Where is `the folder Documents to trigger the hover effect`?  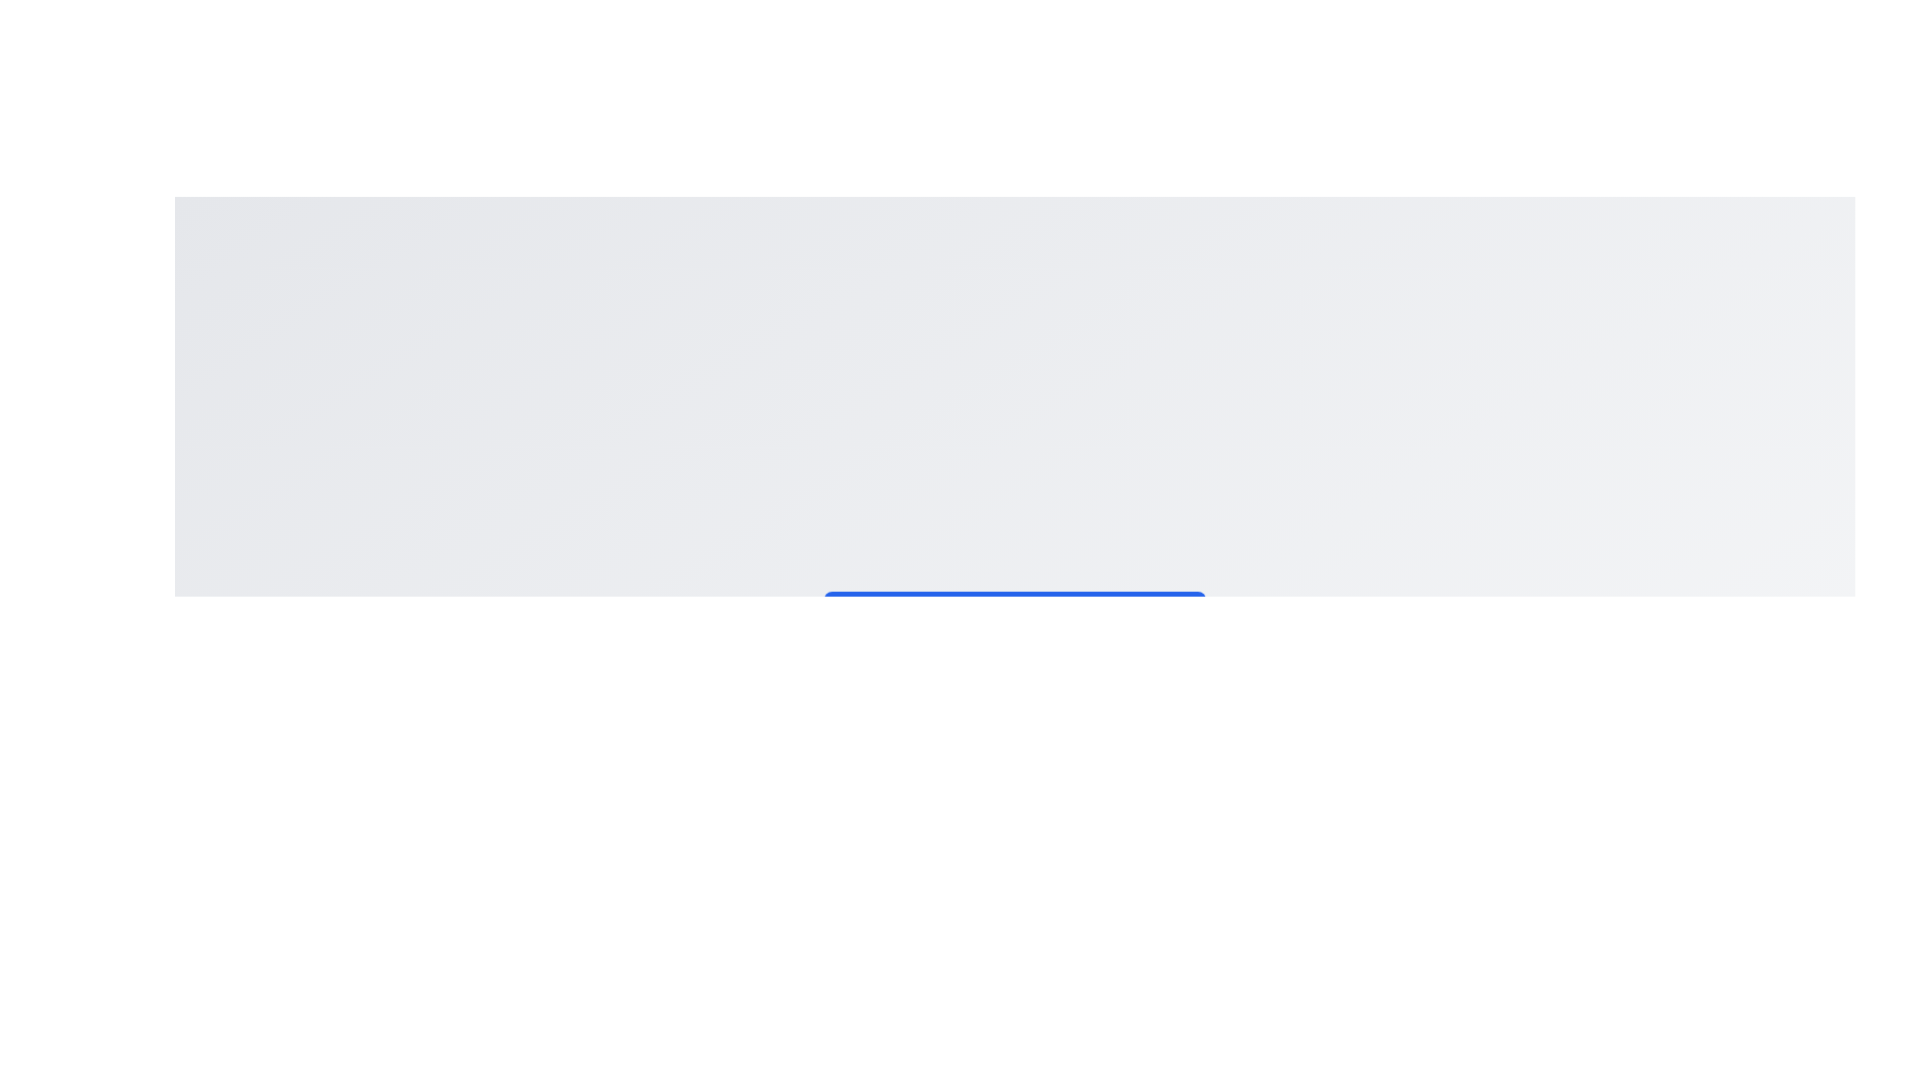 the folder Documents to trigger the hover effect is located at coordinates (1015, 677).